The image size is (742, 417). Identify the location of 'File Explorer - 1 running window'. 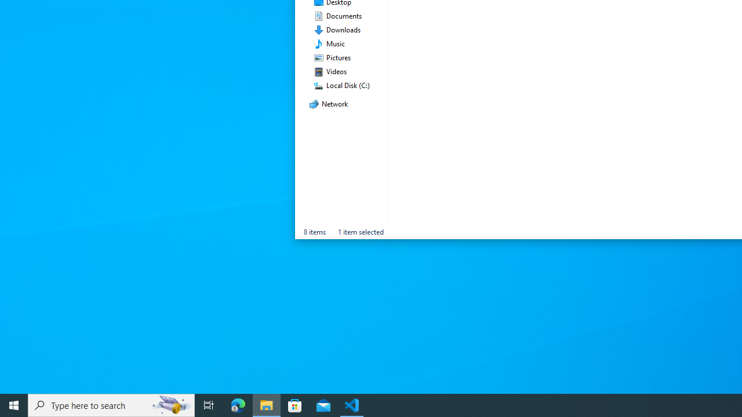
(266, 404).